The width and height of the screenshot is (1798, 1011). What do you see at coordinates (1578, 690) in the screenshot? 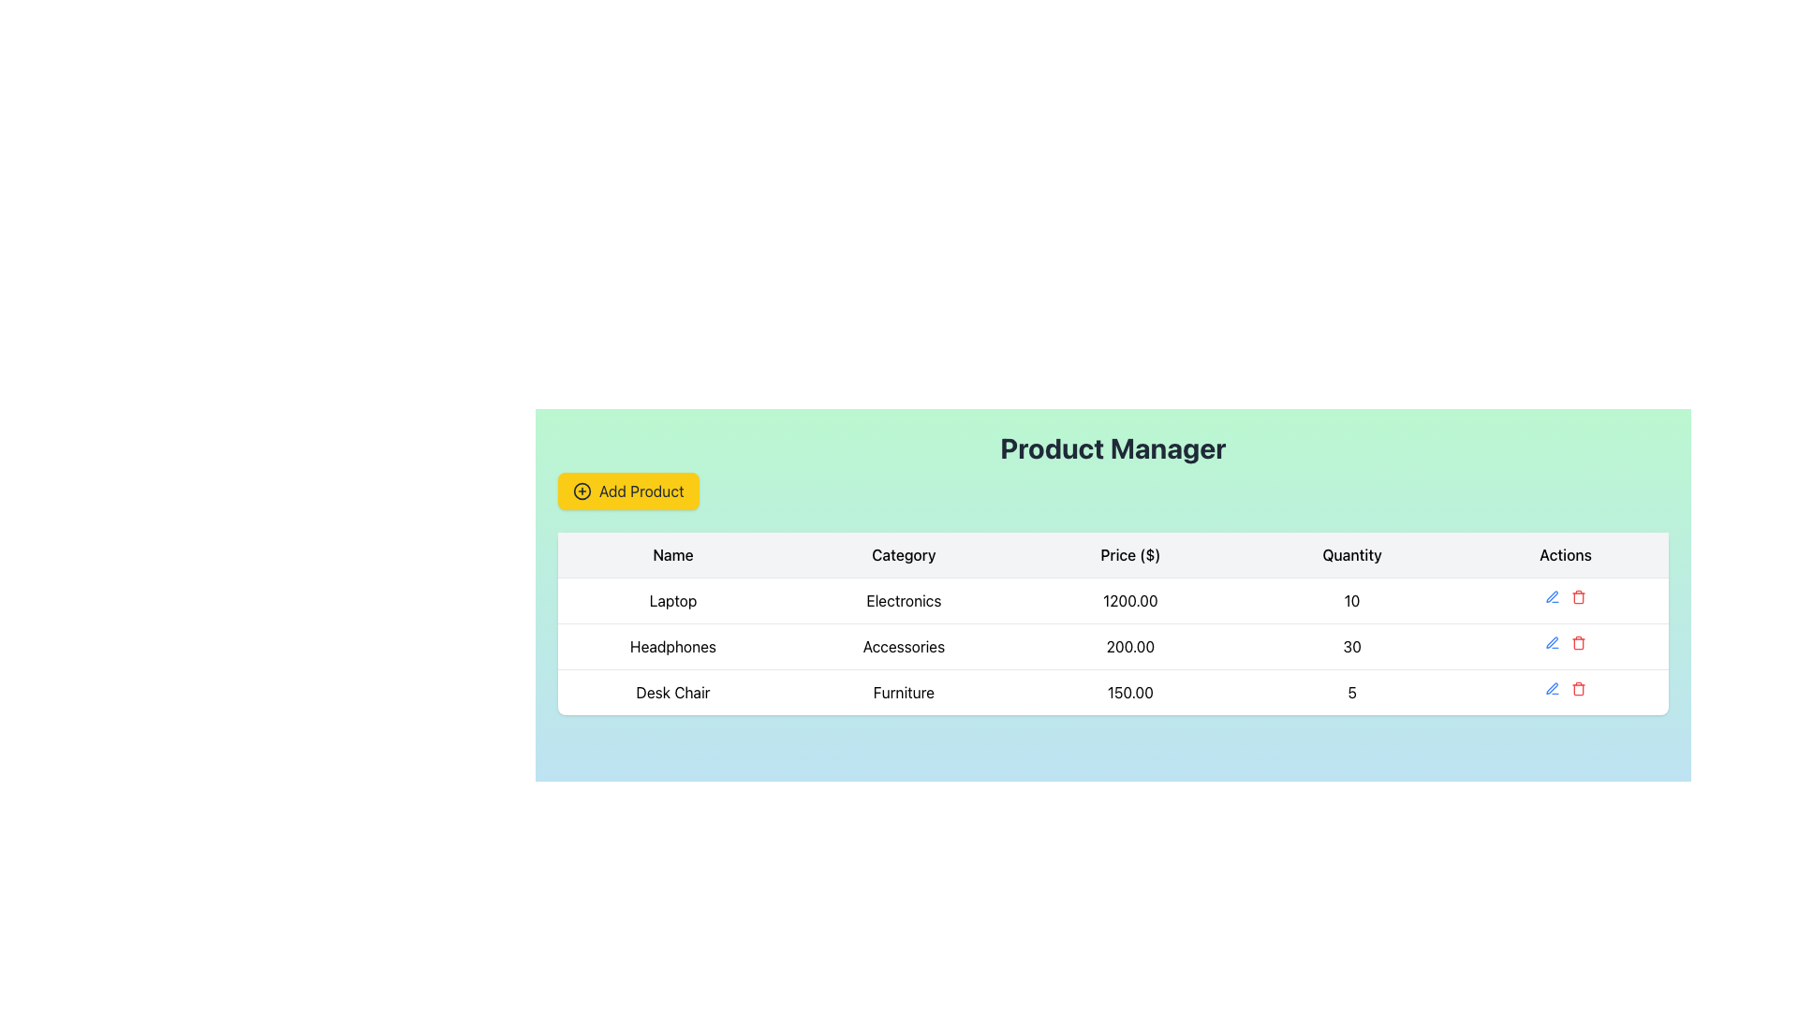
I see `trash bin icon element in the third row of the table under the 'Actions' column corresponding to the product 'Desk Chair' using developer tools` at bounding box center [1578, 690].